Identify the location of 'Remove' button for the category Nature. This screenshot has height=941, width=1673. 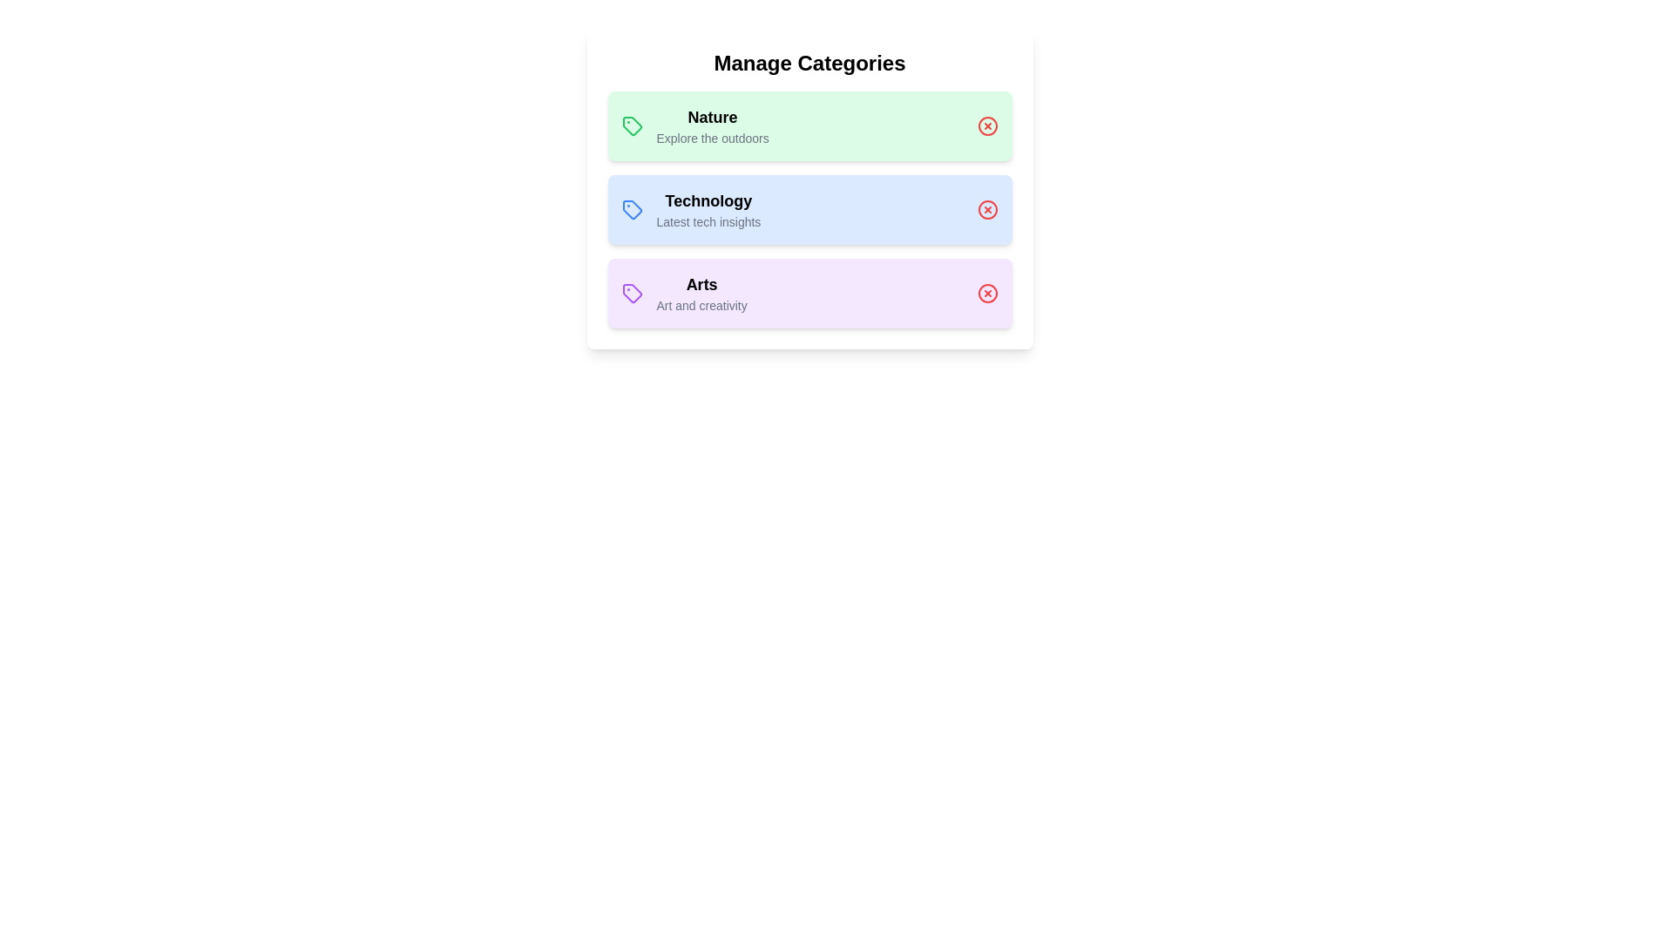
(987, 125).